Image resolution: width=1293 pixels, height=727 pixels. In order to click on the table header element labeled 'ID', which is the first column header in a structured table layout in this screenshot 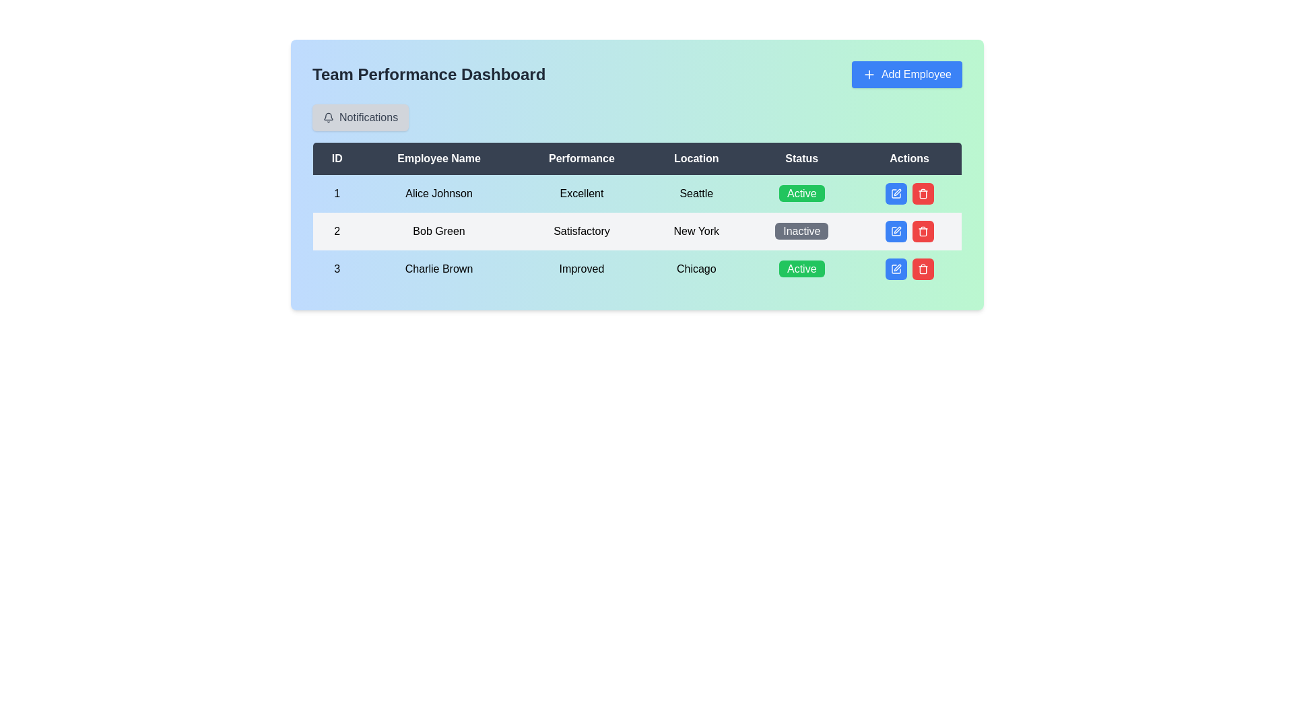, I will do `click(337, 158)`.